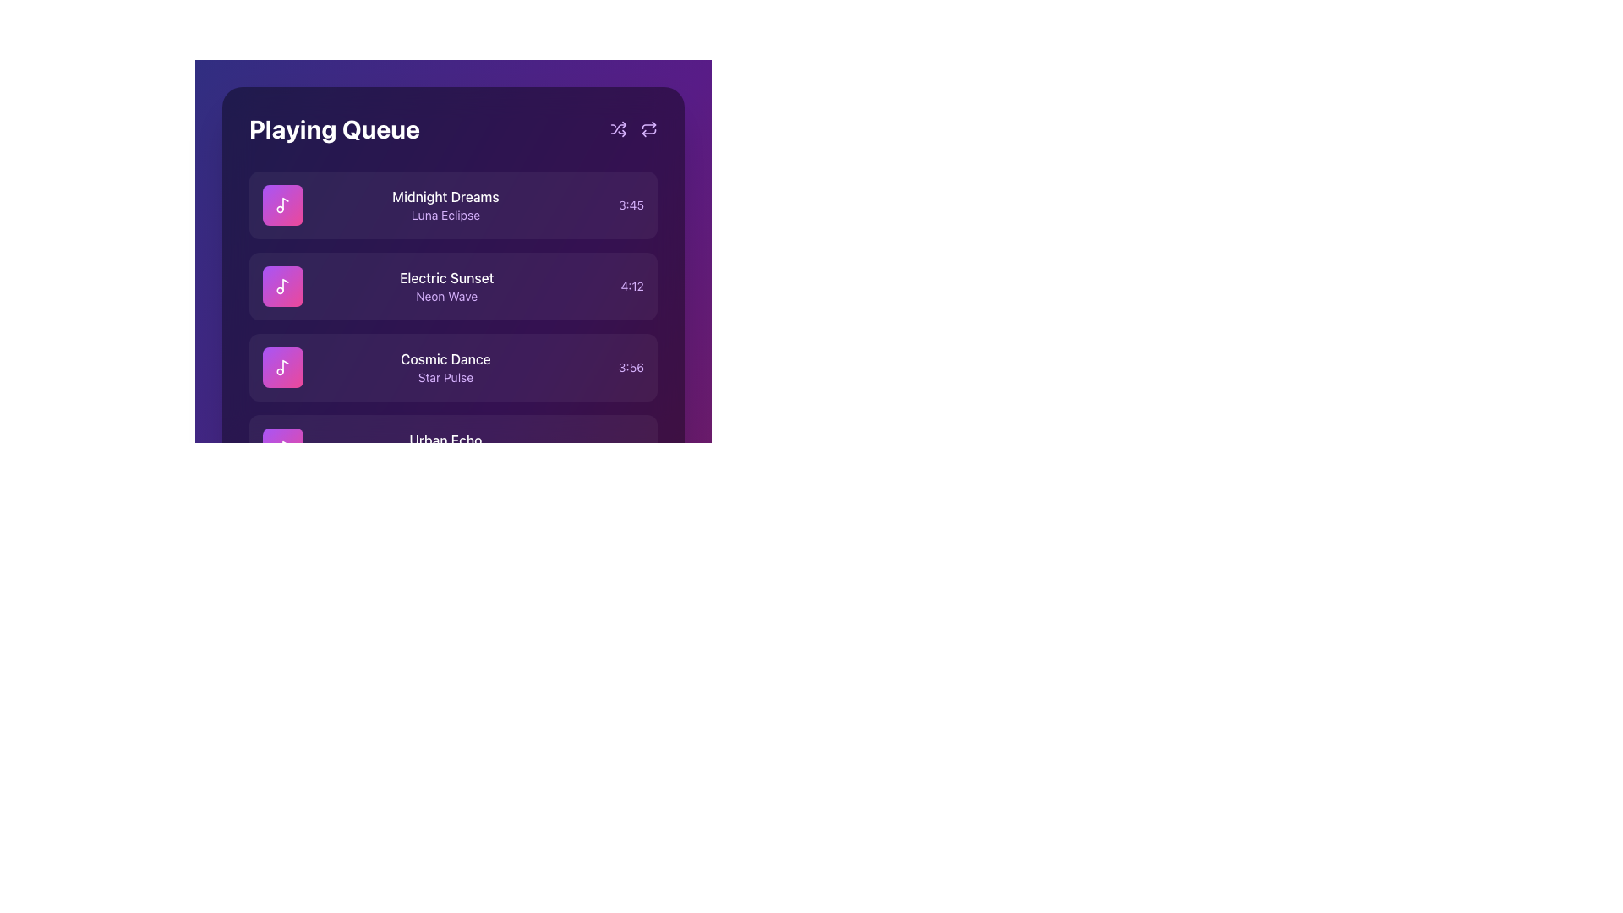 The width and height of the screenshot is (1623, 913). What do you see at coordinates (285, 284) in the screenshot?
I see `the music track associated with the icon representing the song 'Electric Sunset'` at bounding box center [285, 284].